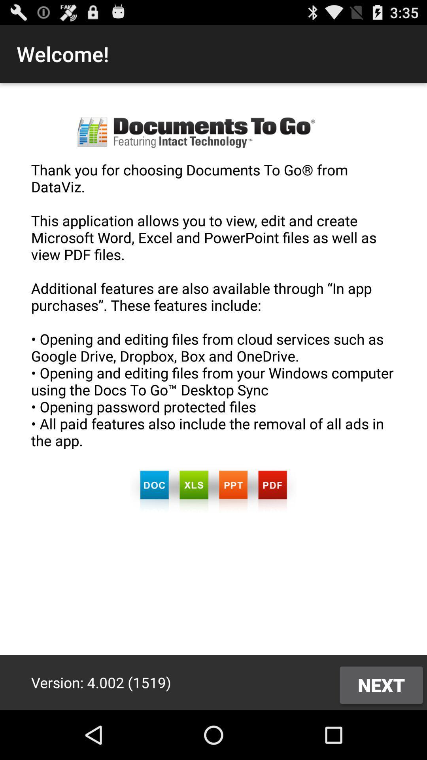 This screenshot has height=760, width=427. I want to click on next, so click(381, 685).